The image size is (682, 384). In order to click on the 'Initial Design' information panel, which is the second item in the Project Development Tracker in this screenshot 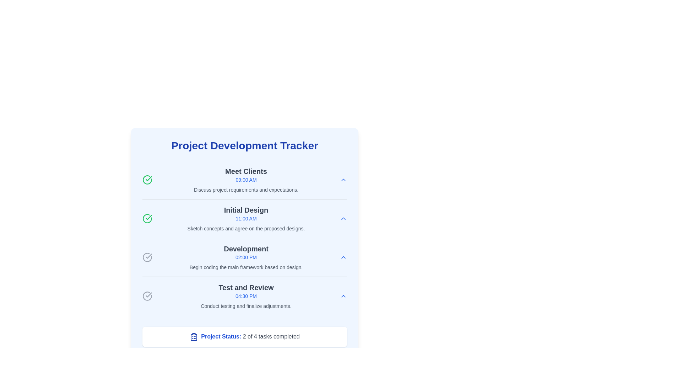, I will do `click(246, 218)`.